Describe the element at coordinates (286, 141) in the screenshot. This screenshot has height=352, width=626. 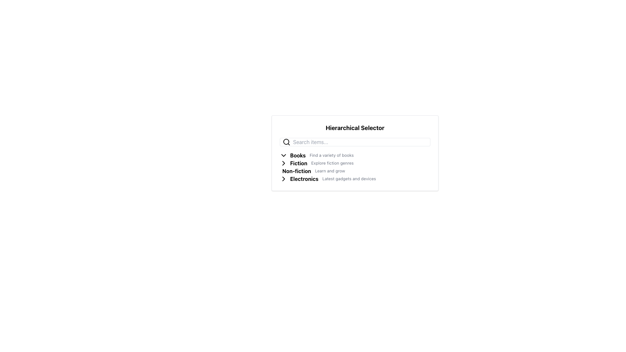
I see `the black magnifying glass icon, which is outlined with a circular lens and positioned adjacent to the search box, preceding the text input placeholder 'Search items...'` at that location.